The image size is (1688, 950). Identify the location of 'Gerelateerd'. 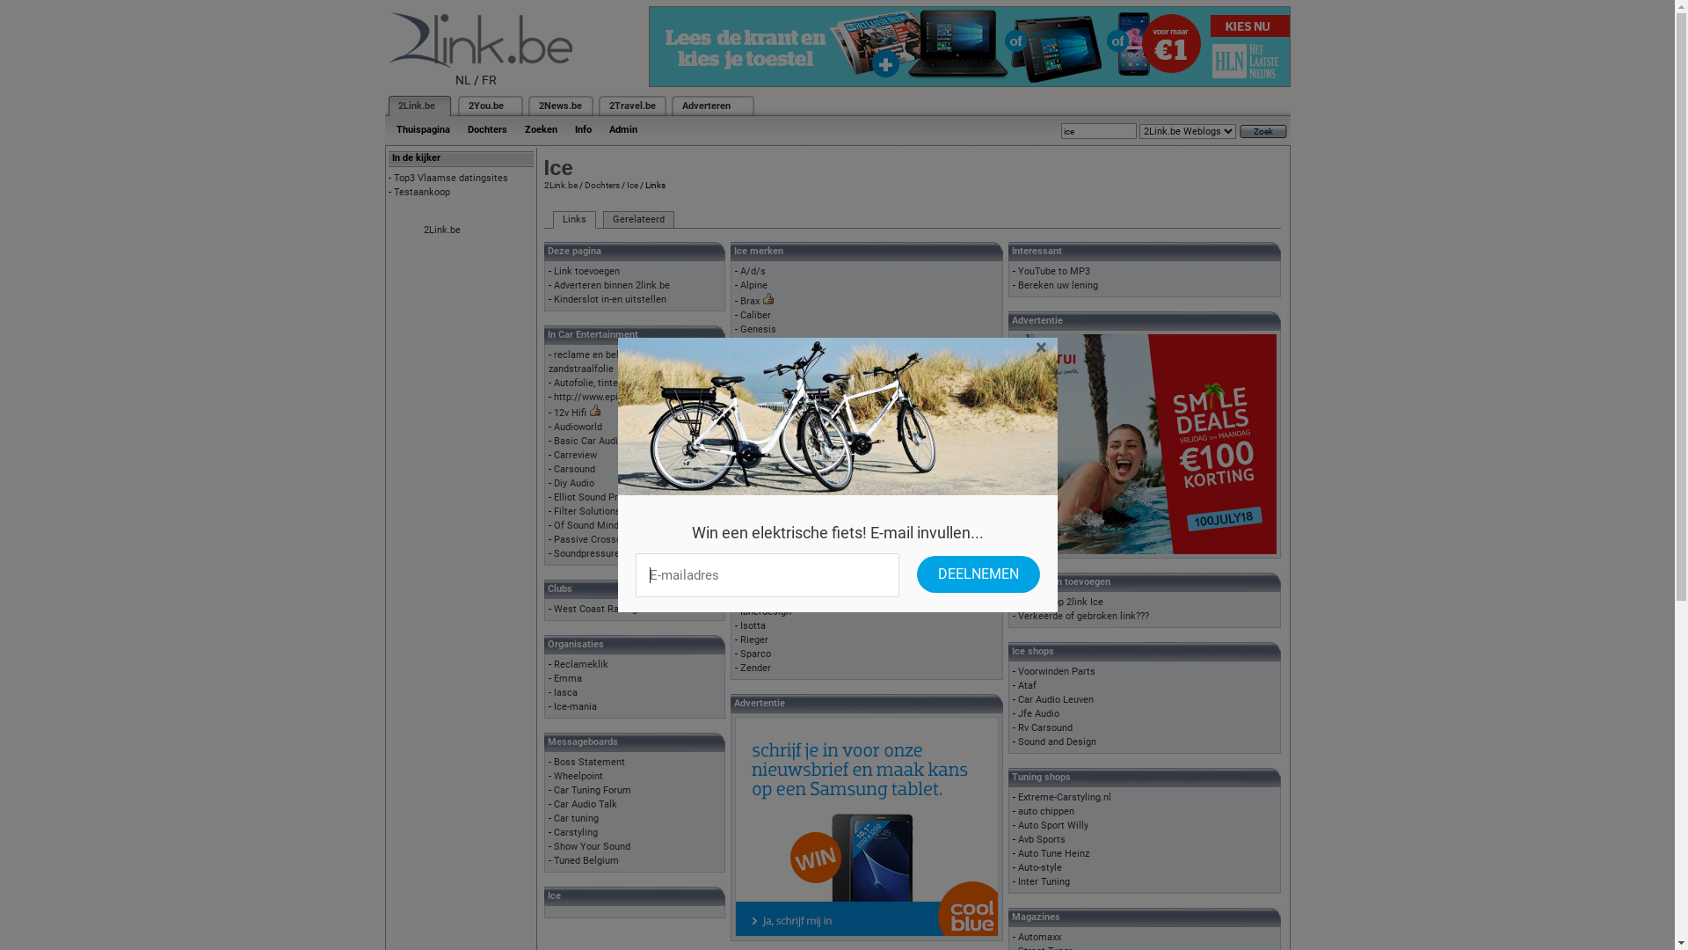
(637, 219).